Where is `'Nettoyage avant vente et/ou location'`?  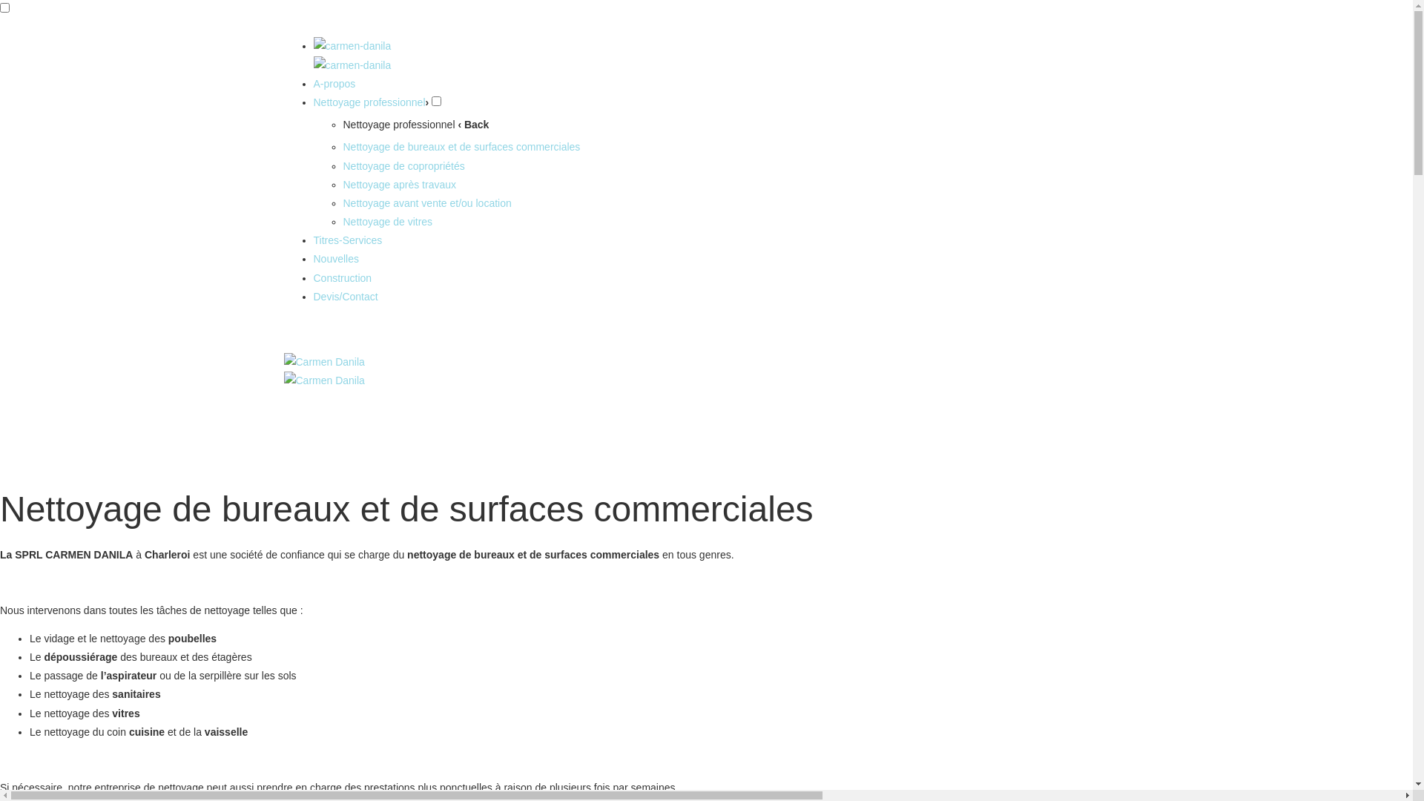 'Nettoyage avant vente et/ou location' is located at coordinates (426, 202).